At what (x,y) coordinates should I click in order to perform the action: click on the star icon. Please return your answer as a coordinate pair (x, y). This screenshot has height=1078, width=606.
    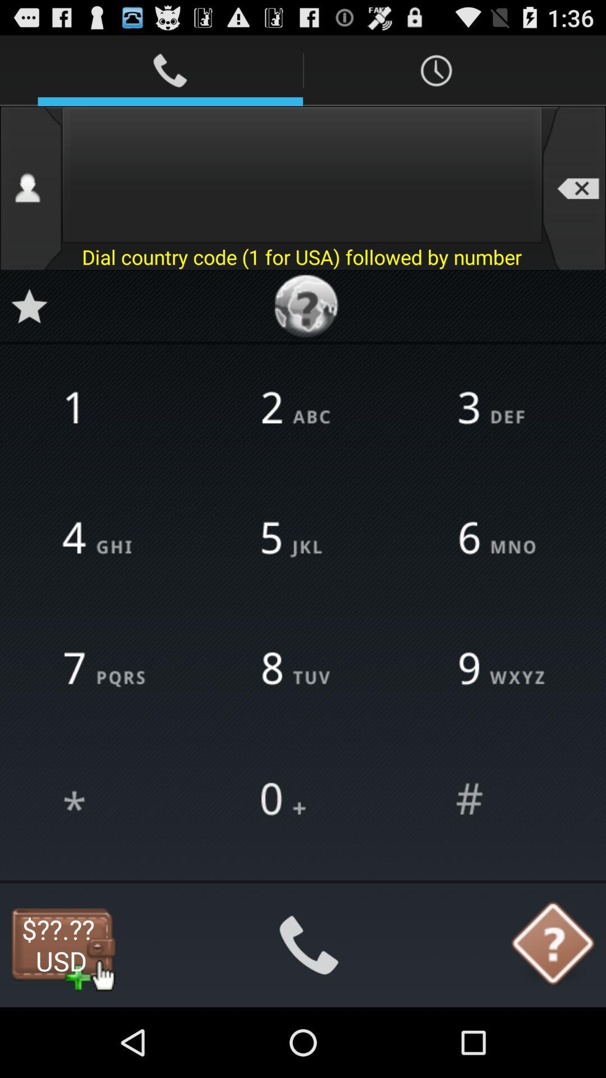
    Looking at the image, I should click on (29, 327).